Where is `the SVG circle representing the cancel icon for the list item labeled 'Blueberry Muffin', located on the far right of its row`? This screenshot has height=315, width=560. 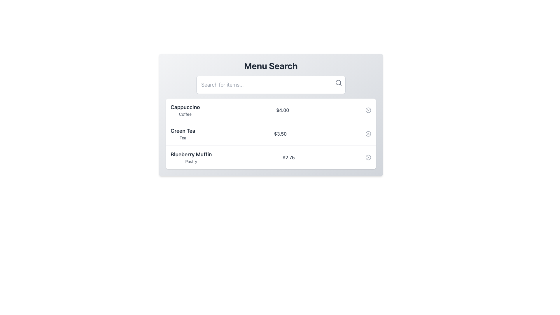
the SVG circle representing the cancel icon for the list item labeled 'Blueberry Muffin', located on the far right of its row is located at coordinates (368, 157).